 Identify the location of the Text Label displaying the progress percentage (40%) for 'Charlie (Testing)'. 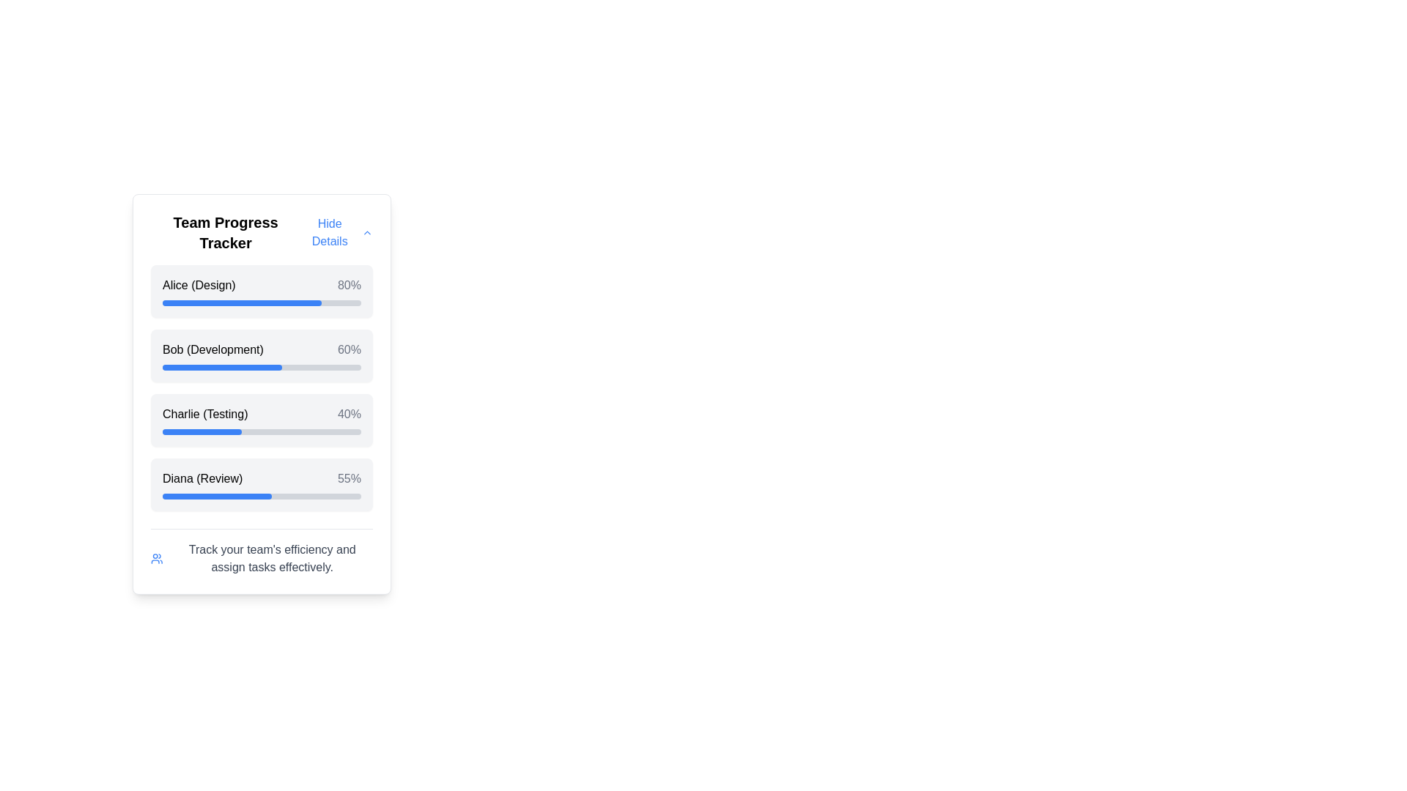
(348, 415).